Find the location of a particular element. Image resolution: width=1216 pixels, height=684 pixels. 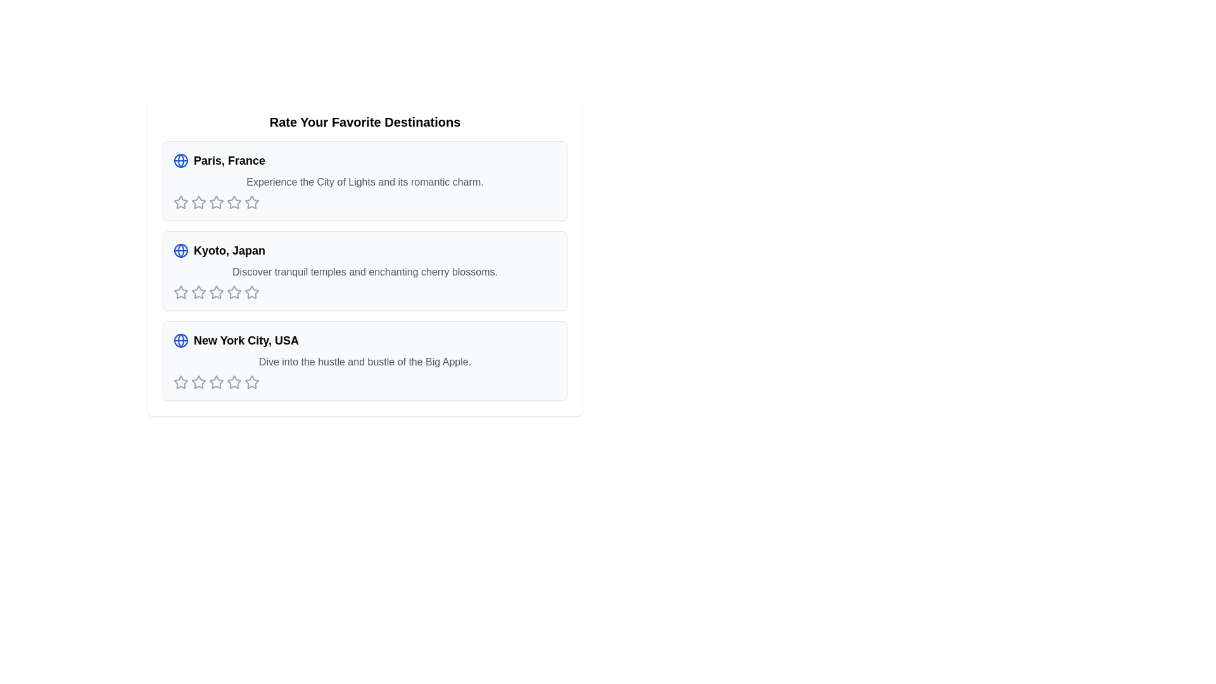

the second star icon in the rating system located under the title 'Paris, France' on the topmost card is located at coordinates (216, 201).